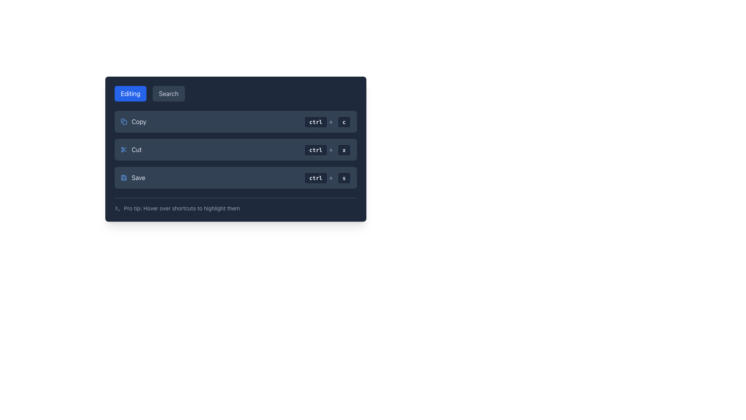 The image size is (746, 420). Describe the element at coordinates (138, 177) in the screenshot. I see `the static text label reading 'Save', which is styled in a light color against a dark background and is positioned at the bottom row of the displayed menu options` at that location.